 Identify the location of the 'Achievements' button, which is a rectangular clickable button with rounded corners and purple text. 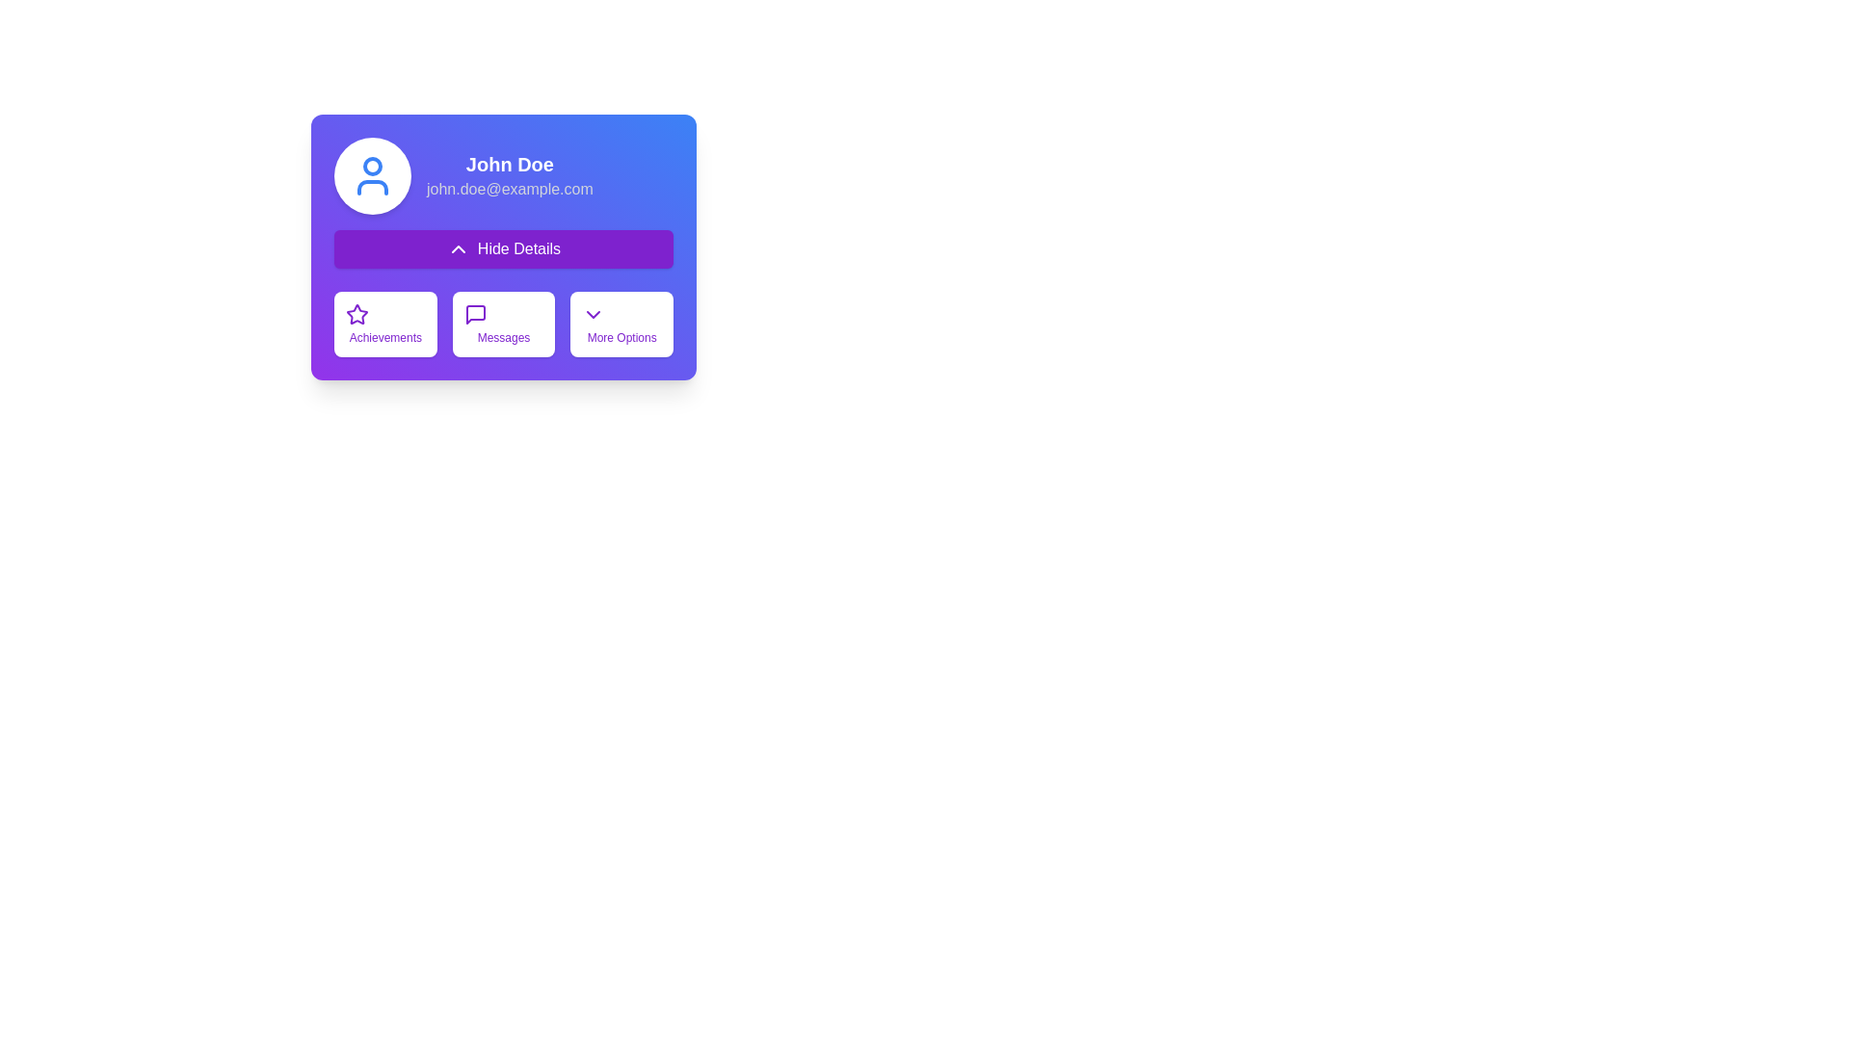
(385, 323).